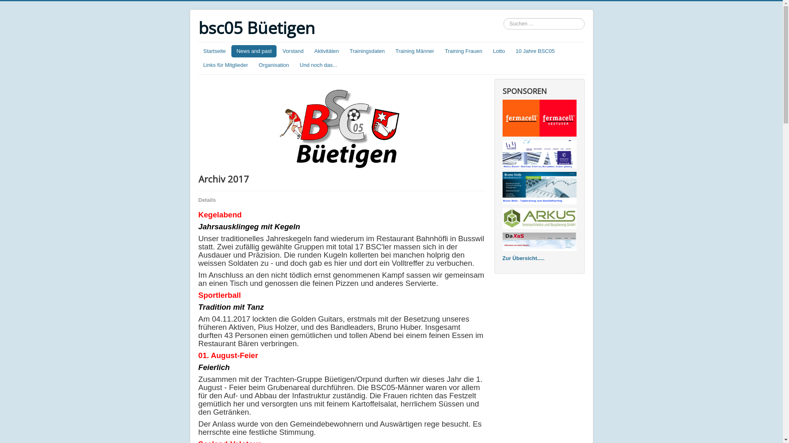 This screenshot has width=789, height=443. Describe the element at coordinates (294, 64) in the screenshot. I see `'Und noch das...'` at that location.